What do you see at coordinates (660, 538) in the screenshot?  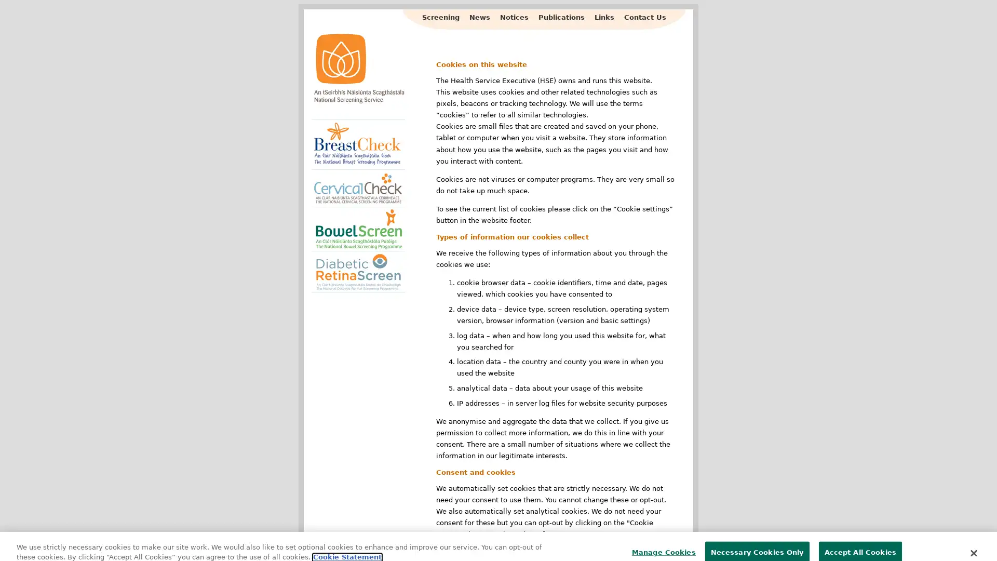 I see `Manage Cookies` at bounding box center [660, 538].